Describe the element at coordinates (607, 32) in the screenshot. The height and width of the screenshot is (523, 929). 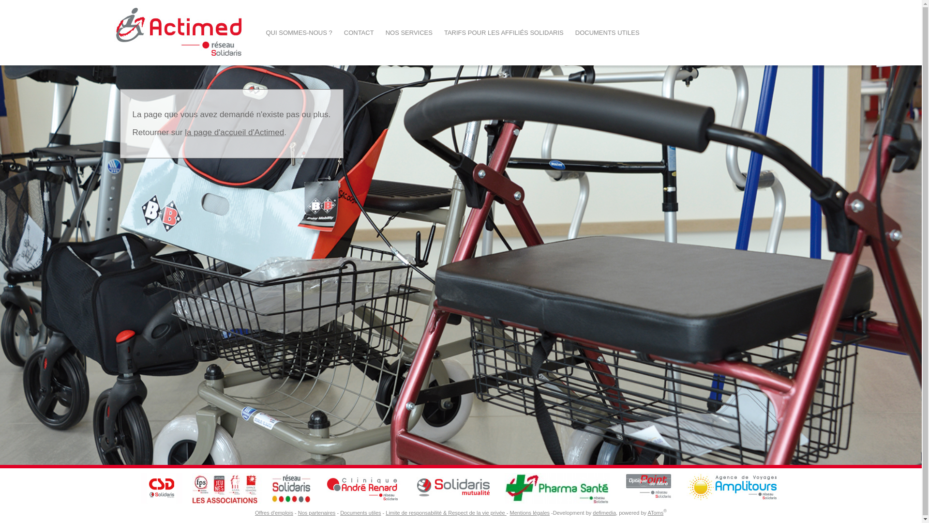
I see `'DOCUMENTS UTILES'` at that location.